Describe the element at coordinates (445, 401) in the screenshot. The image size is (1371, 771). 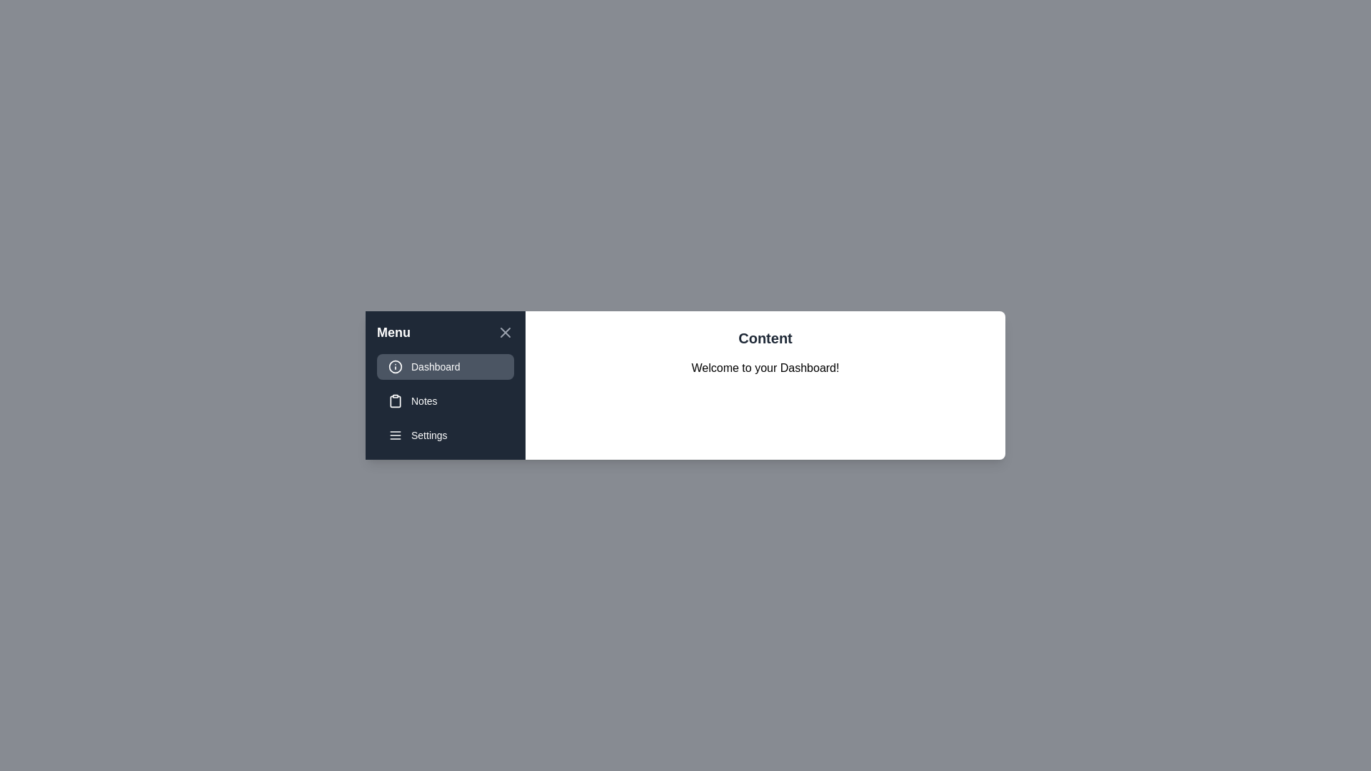
I see `the 'Notes' navigational button, which is the second button in the vertical menu list` at that location.